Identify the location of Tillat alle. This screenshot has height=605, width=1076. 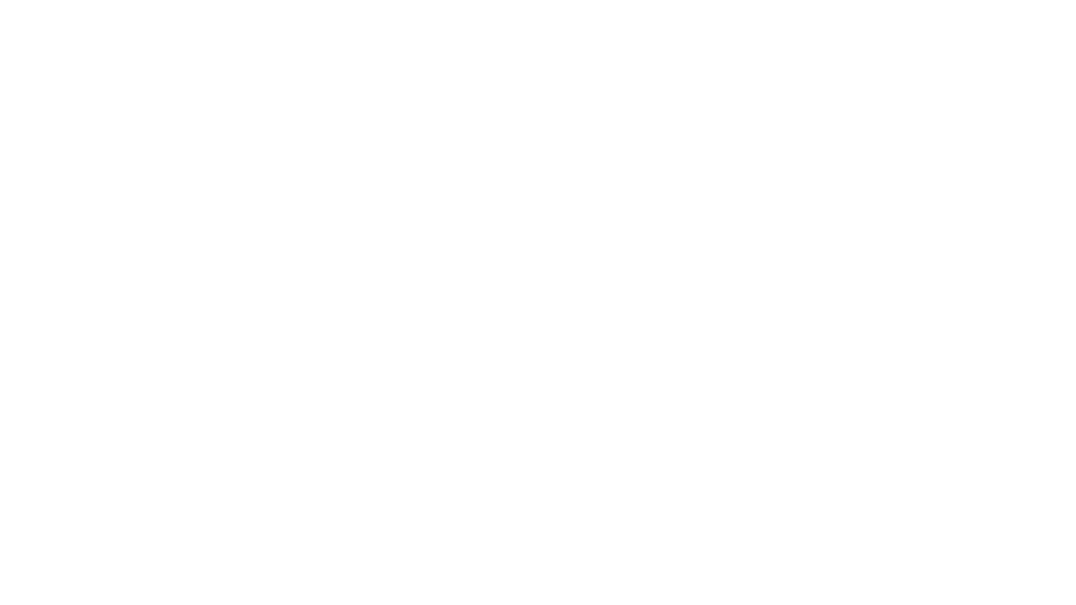
(698, 396).